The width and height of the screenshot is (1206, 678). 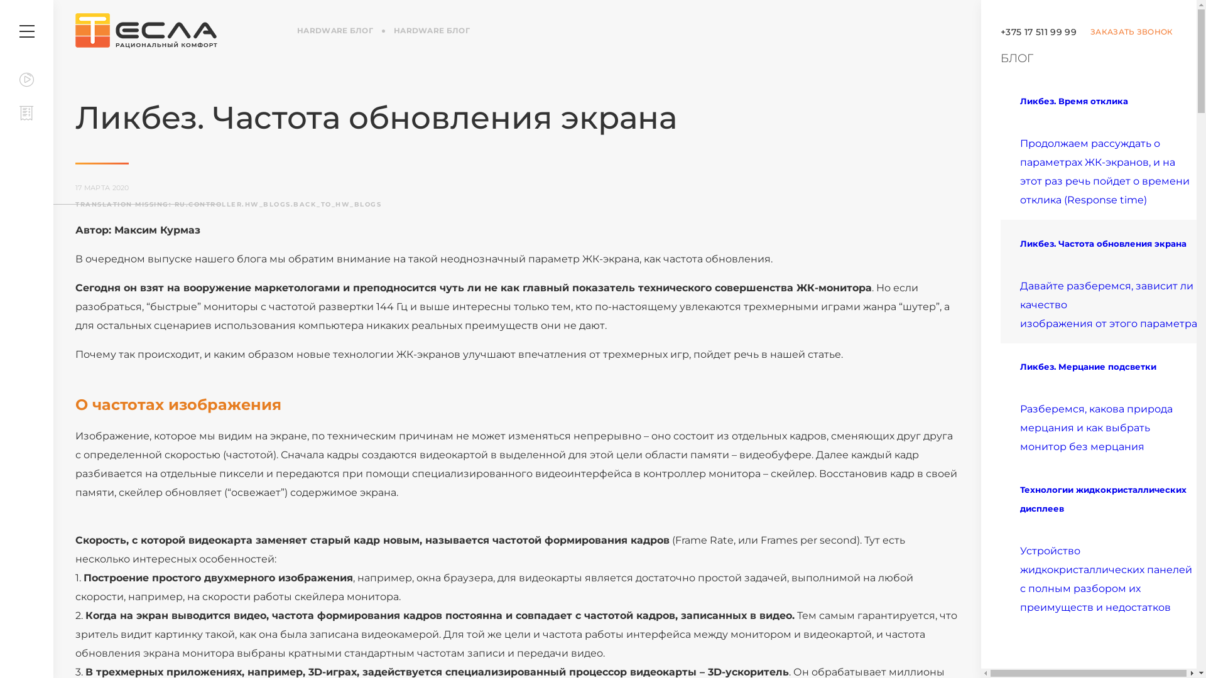 I want to click on '+375 17 511 99 99', so click(x=1038, y=31).